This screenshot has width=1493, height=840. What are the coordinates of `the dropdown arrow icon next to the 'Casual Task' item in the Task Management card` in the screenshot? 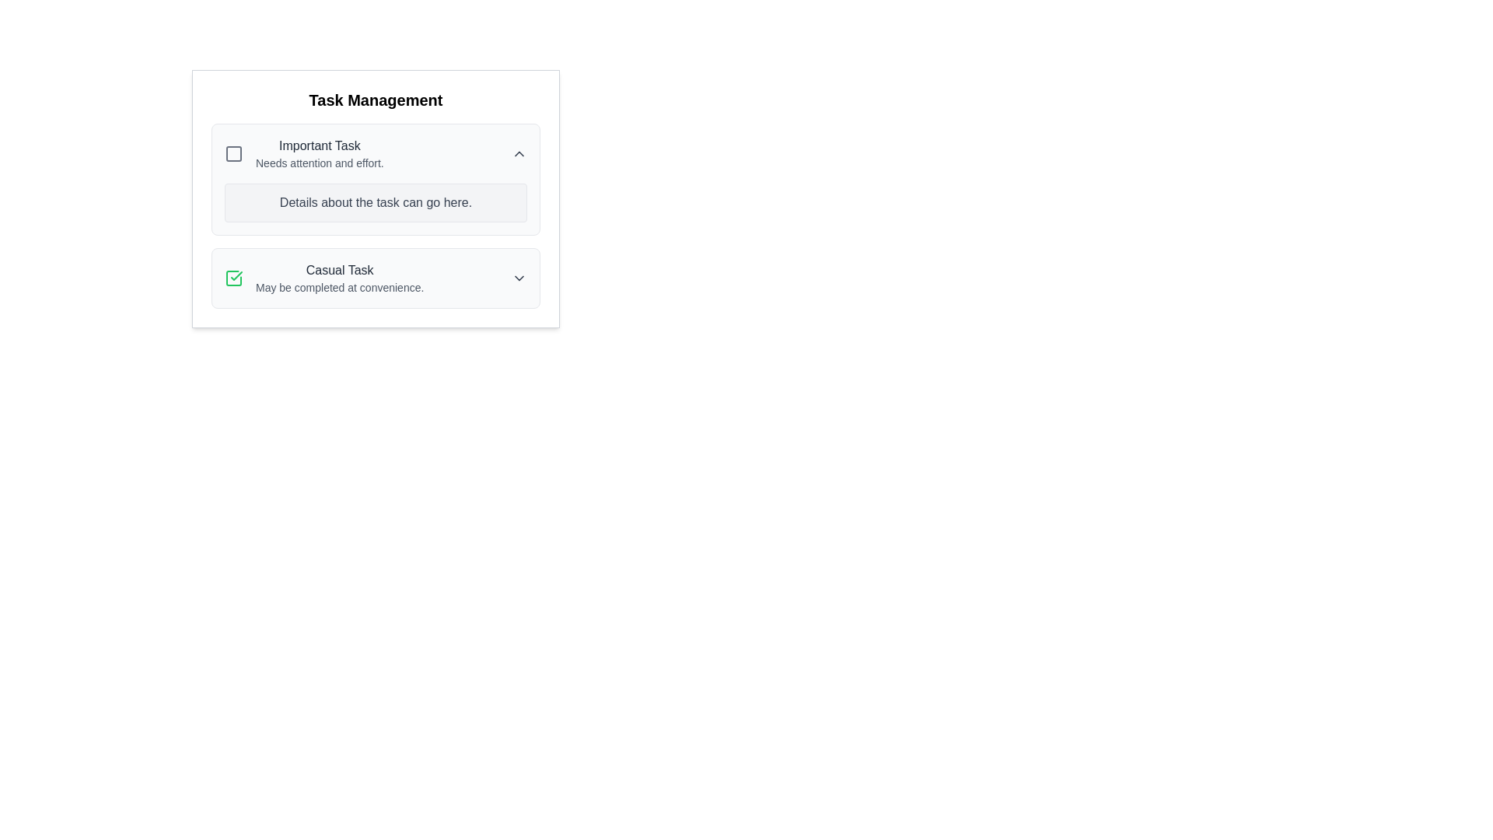 It's located at (376, 278).